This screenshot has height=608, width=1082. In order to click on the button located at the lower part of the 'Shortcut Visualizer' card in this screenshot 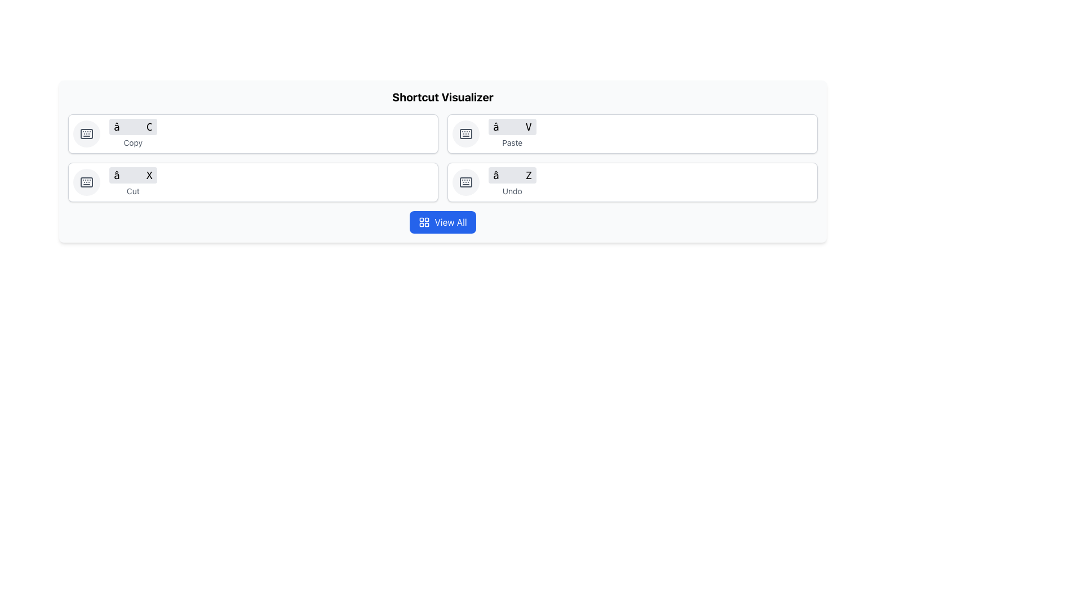, I will do `click(442, 222)`.